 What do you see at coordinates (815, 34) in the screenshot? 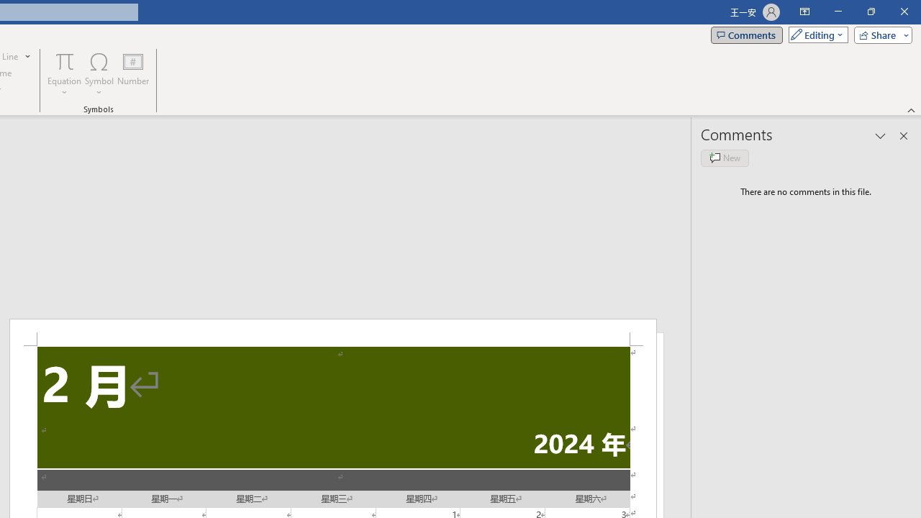
I see `'Mode'` at bounding box center [815, 34].